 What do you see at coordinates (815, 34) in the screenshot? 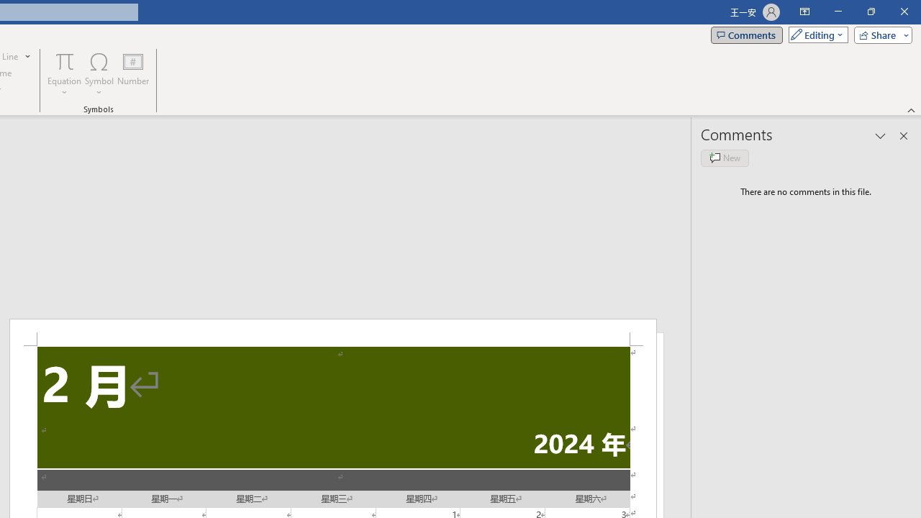
I see `'Mode'` at bounding box center [815, 34].